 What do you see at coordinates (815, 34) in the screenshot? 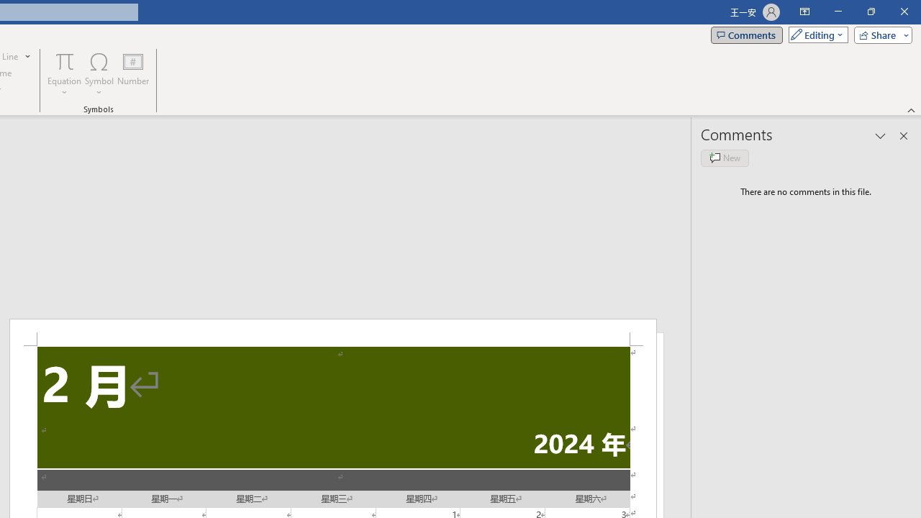
I see `'Mode'` at bounding box center [815, 34].